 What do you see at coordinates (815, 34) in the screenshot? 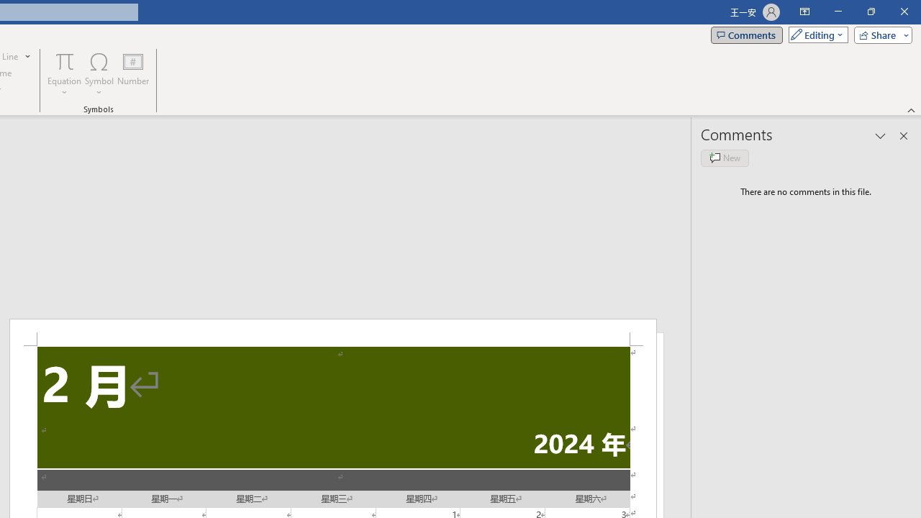
I see `'Mode'` at bounding box center [815, 34].